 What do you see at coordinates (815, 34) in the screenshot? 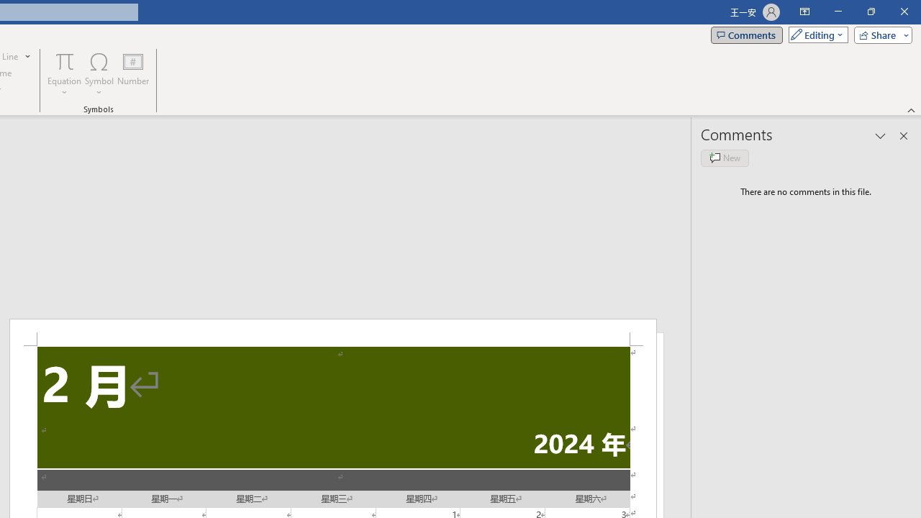
I see `'Mode'` at bounding box center [815, 34].